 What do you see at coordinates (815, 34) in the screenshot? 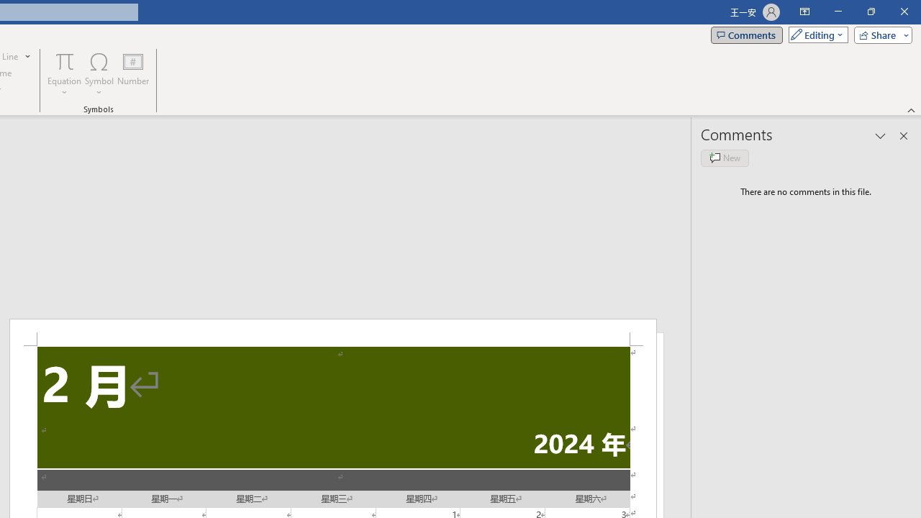
I see `'Mode'` at bounding box center [815, 34].